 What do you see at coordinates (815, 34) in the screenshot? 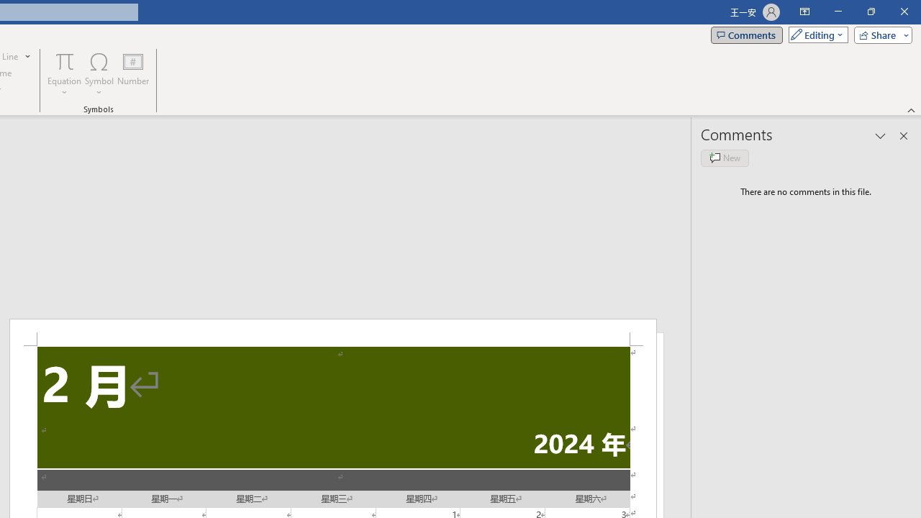
I see `'Mode'` at bounding box center [815, 34].